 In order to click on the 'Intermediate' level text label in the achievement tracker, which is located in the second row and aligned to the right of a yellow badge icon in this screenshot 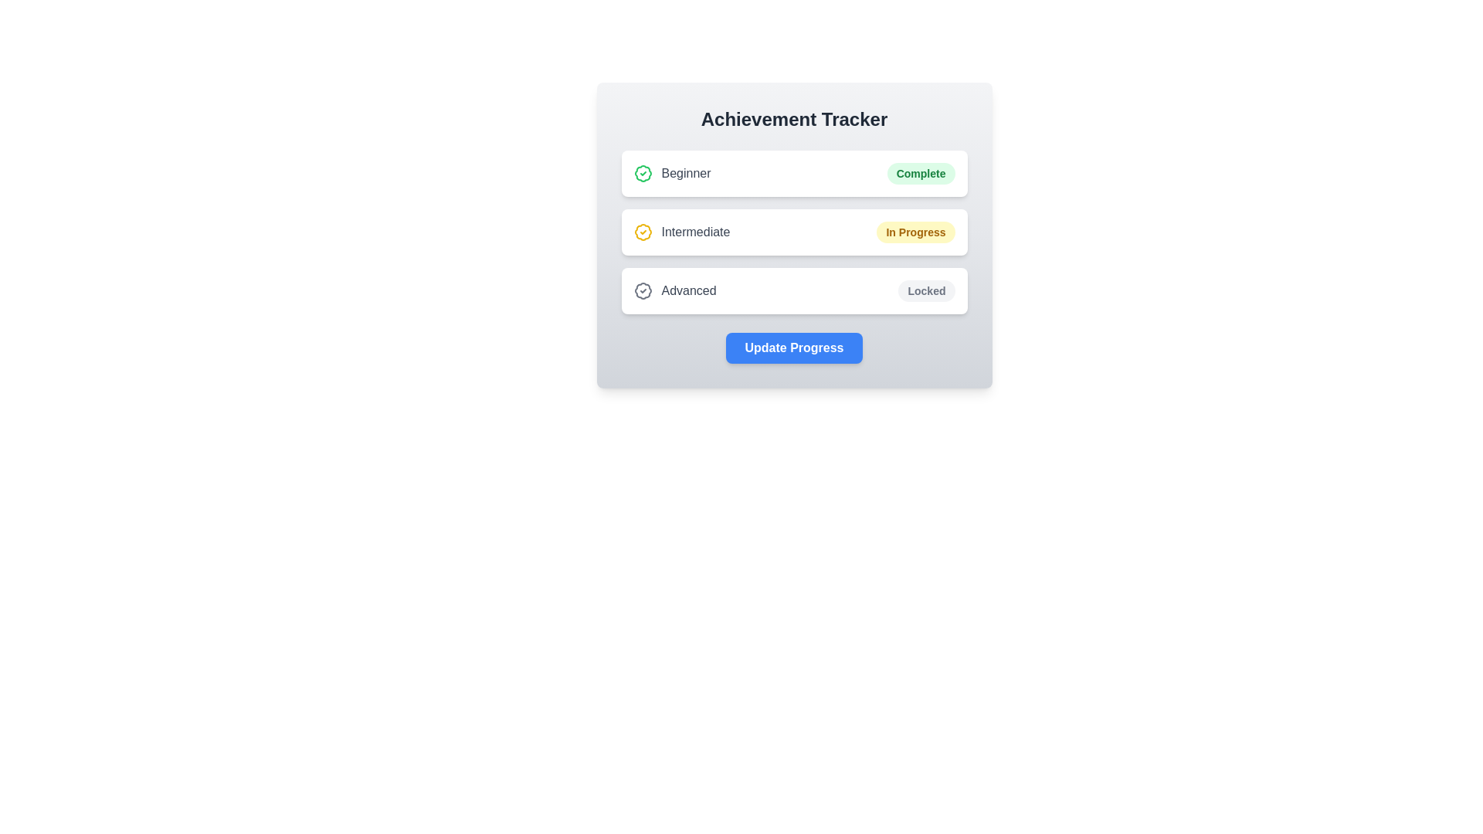, I will do `click(695, 232)`.